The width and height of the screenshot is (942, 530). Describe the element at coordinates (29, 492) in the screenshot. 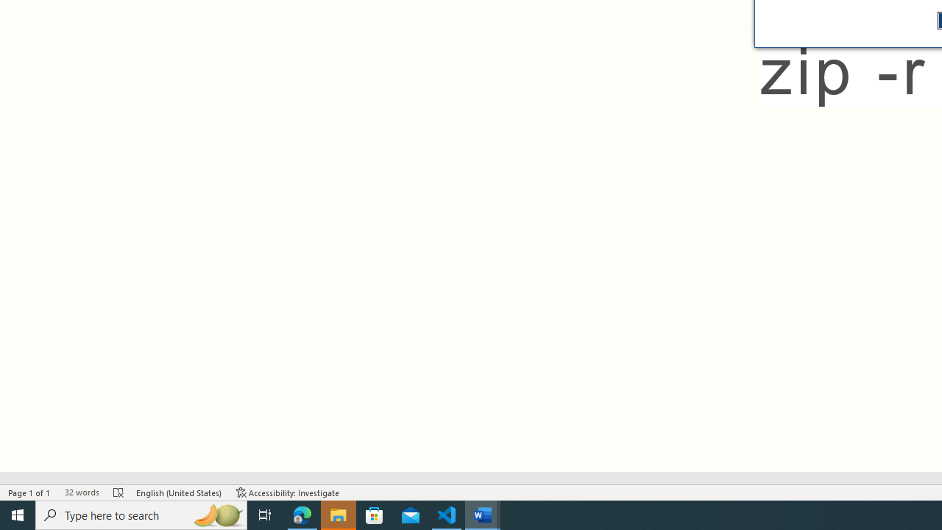

I see `'Page Number Page 1 of 1'` at that location.